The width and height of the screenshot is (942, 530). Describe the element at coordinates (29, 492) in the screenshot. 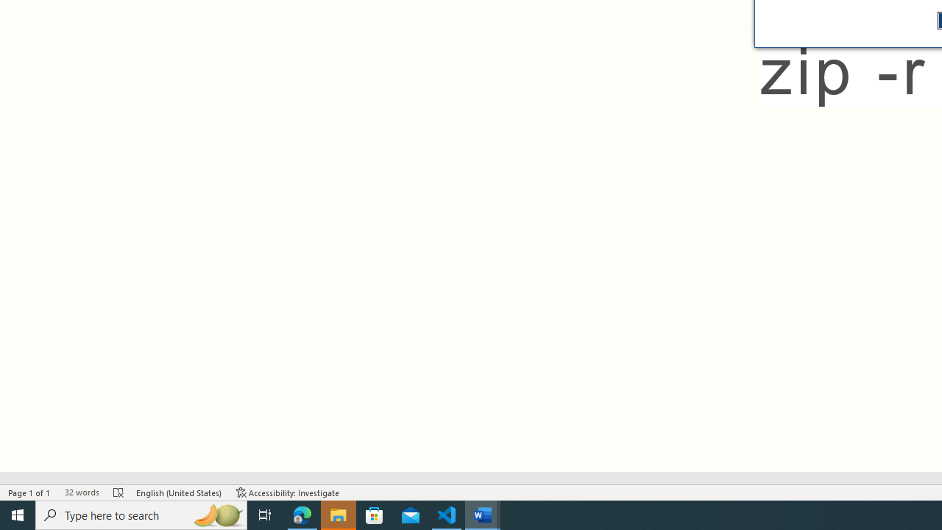

I see `'Page Number Page 1 of 1'` at that location.